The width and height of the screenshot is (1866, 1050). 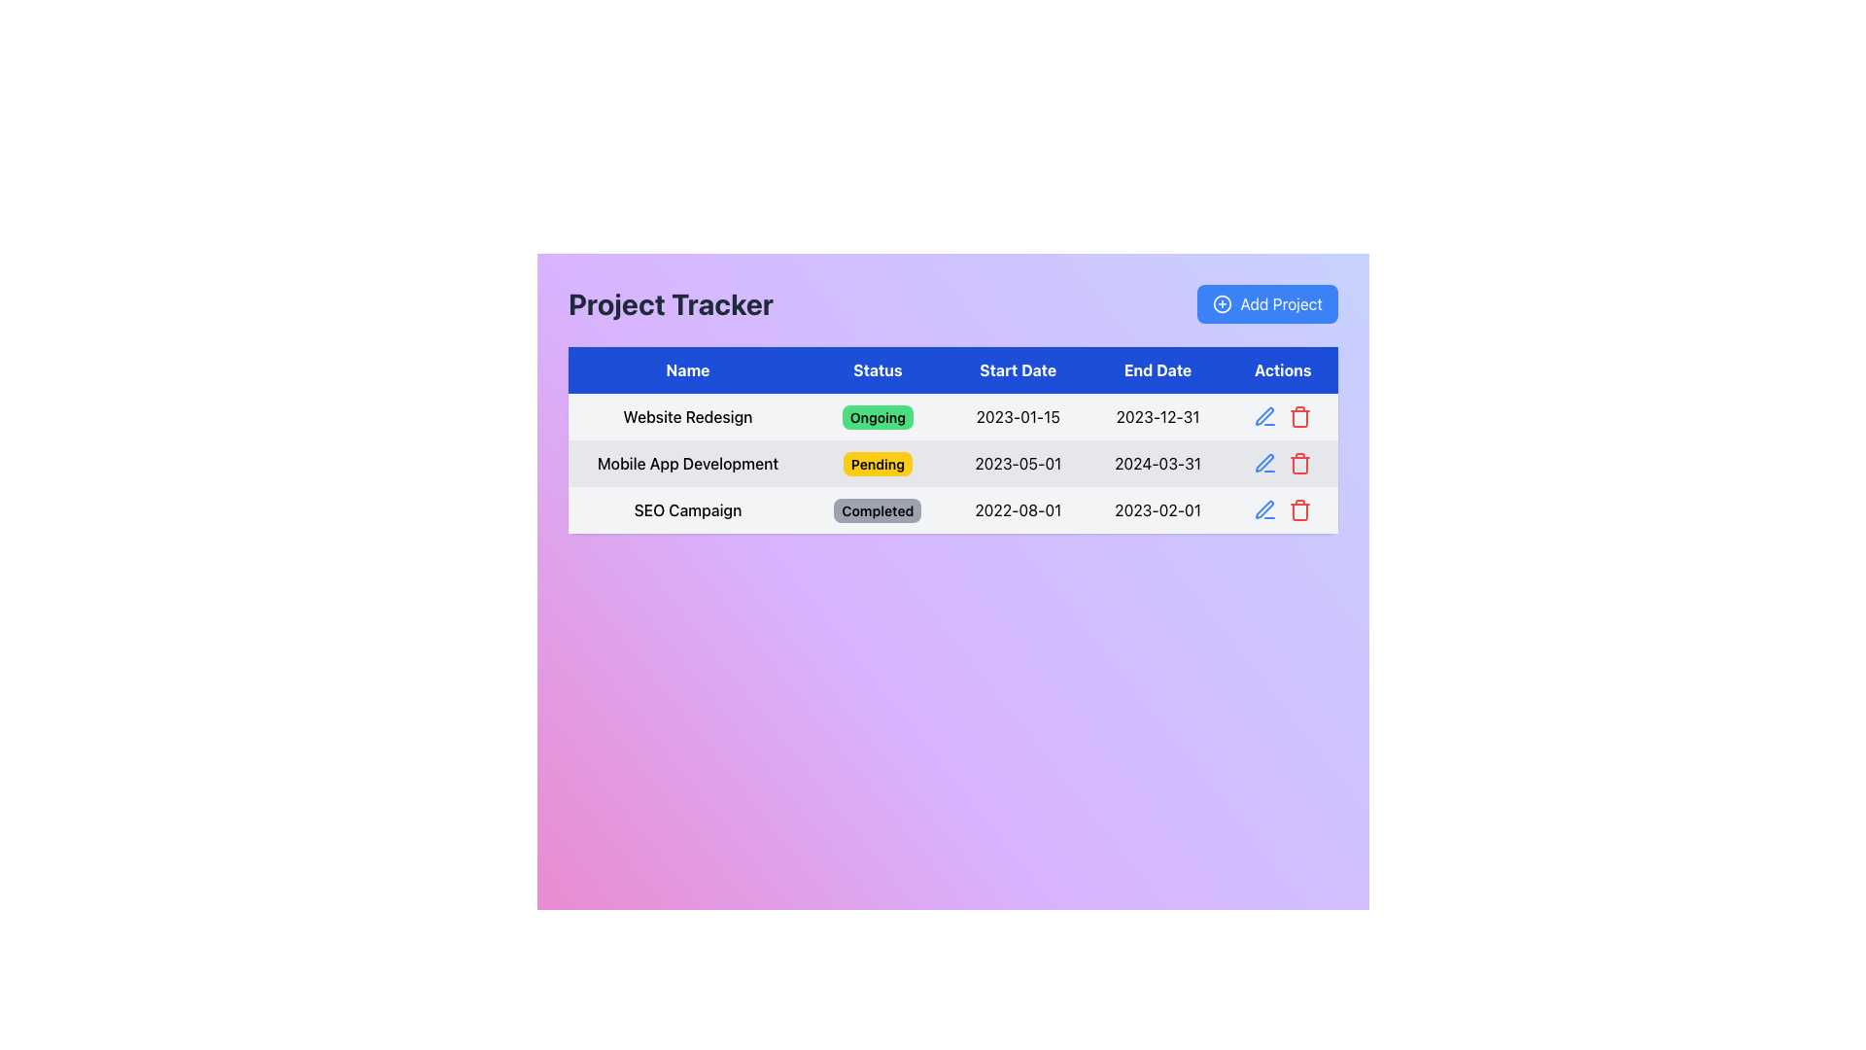 What do you see at coordinates (1017, 370) in the screenshot?
I see `the blue cell containing the white text 'Start Date', which is the third column header in the table positioned between 'Status' and 'End Date'` at bounding box center [1017, 370].